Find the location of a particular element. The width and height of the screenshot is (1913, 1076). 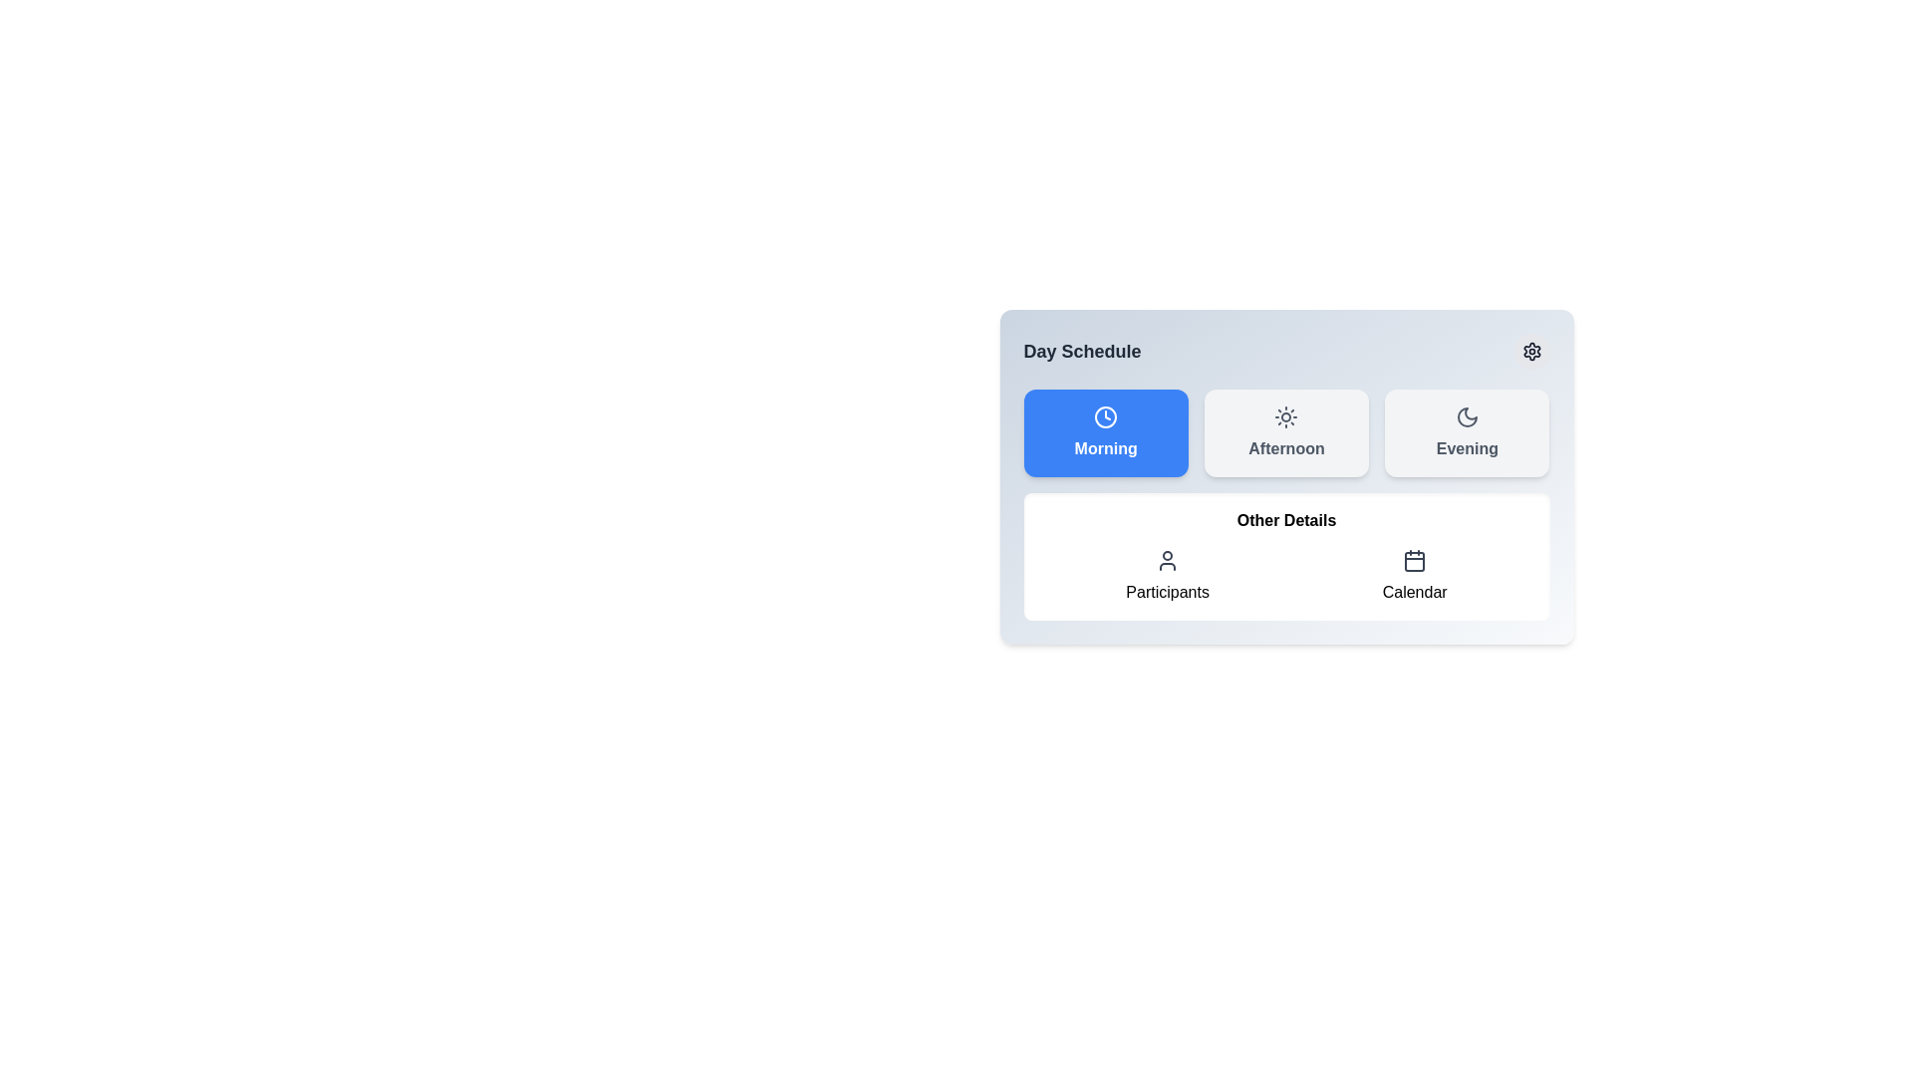

the decorative gear icon representing settings, located in the top-right corner of the interface is located at coordinates (1530, 351).